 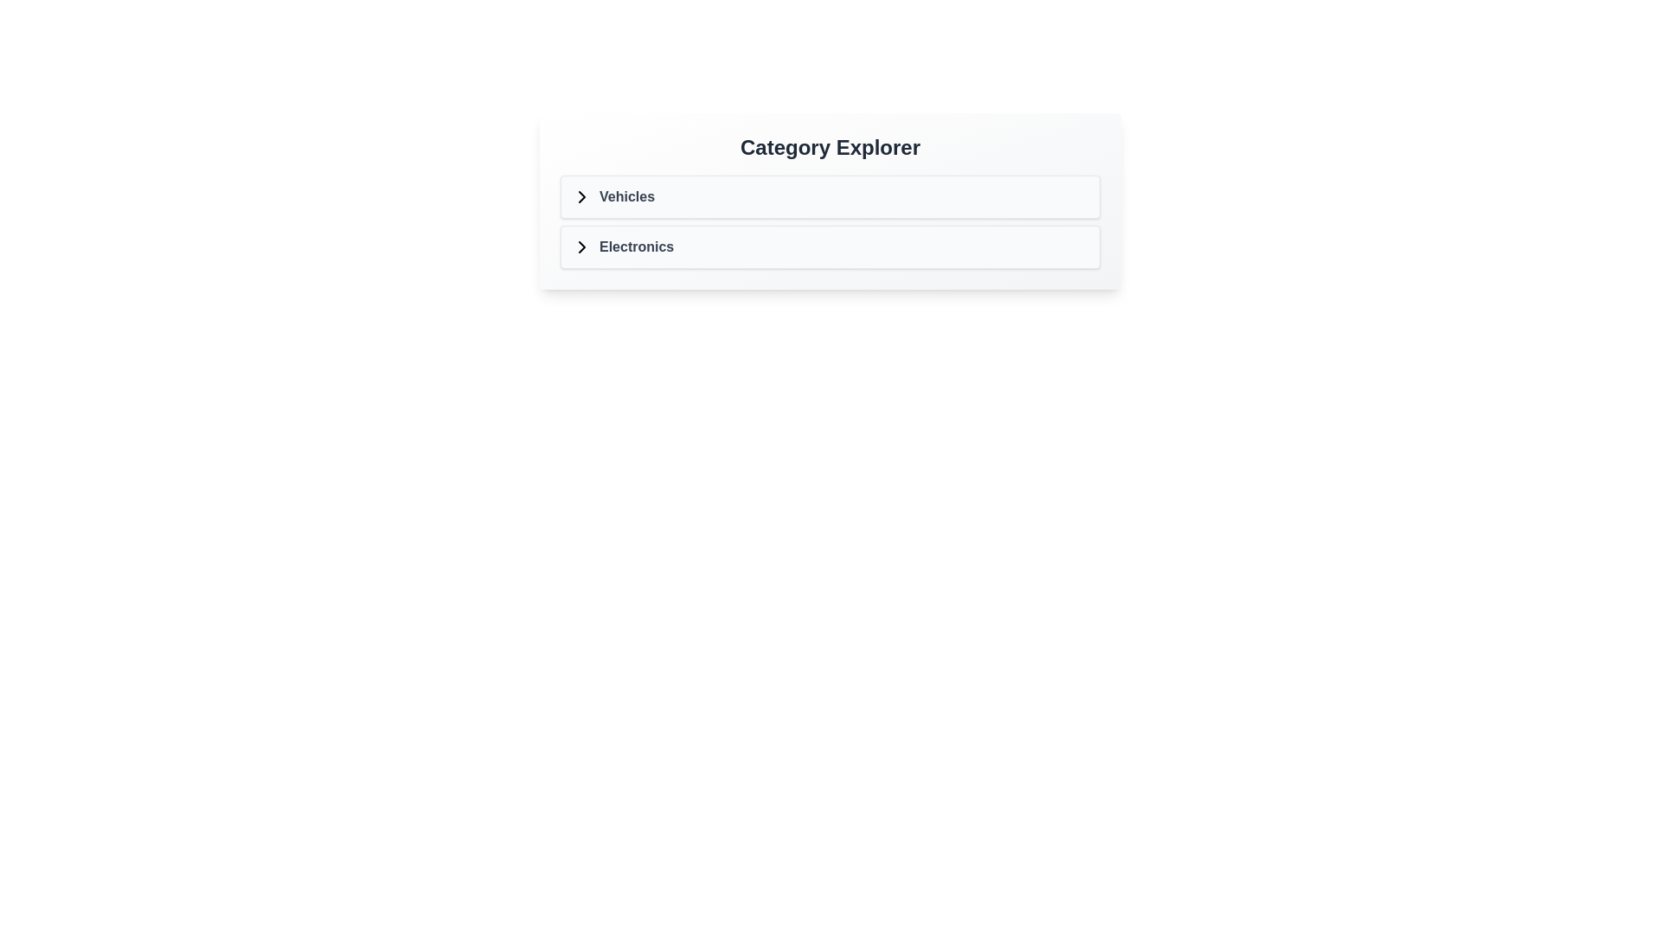 I want to click on the 'Electronics' category option, which is a rectangular component with rounded corners and a light gray background, so click(x=830, y=246).